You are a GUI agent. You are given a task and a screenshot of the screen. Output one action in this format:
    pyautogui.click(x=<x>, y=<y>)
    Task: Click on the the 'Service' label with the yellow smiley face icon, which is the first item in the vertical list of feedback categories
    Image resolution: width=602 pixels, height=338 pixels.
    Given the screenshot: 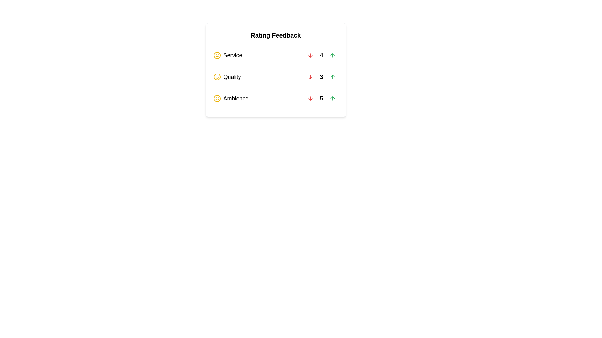 What is the action you would take?
    pyautogui.click(x=227, y=55)
    